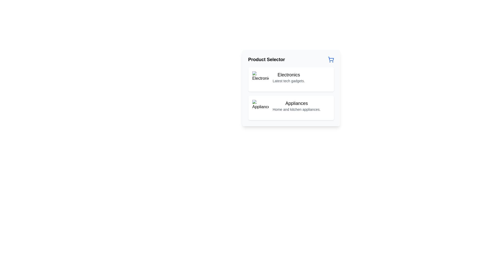 The height and width of the screenshot is (275, 490). Describe the element at coordinates (331, 59) in the screenshot. I see `the blue shopping cart icon located to the far right of the 'Product Selector' header` at that location.